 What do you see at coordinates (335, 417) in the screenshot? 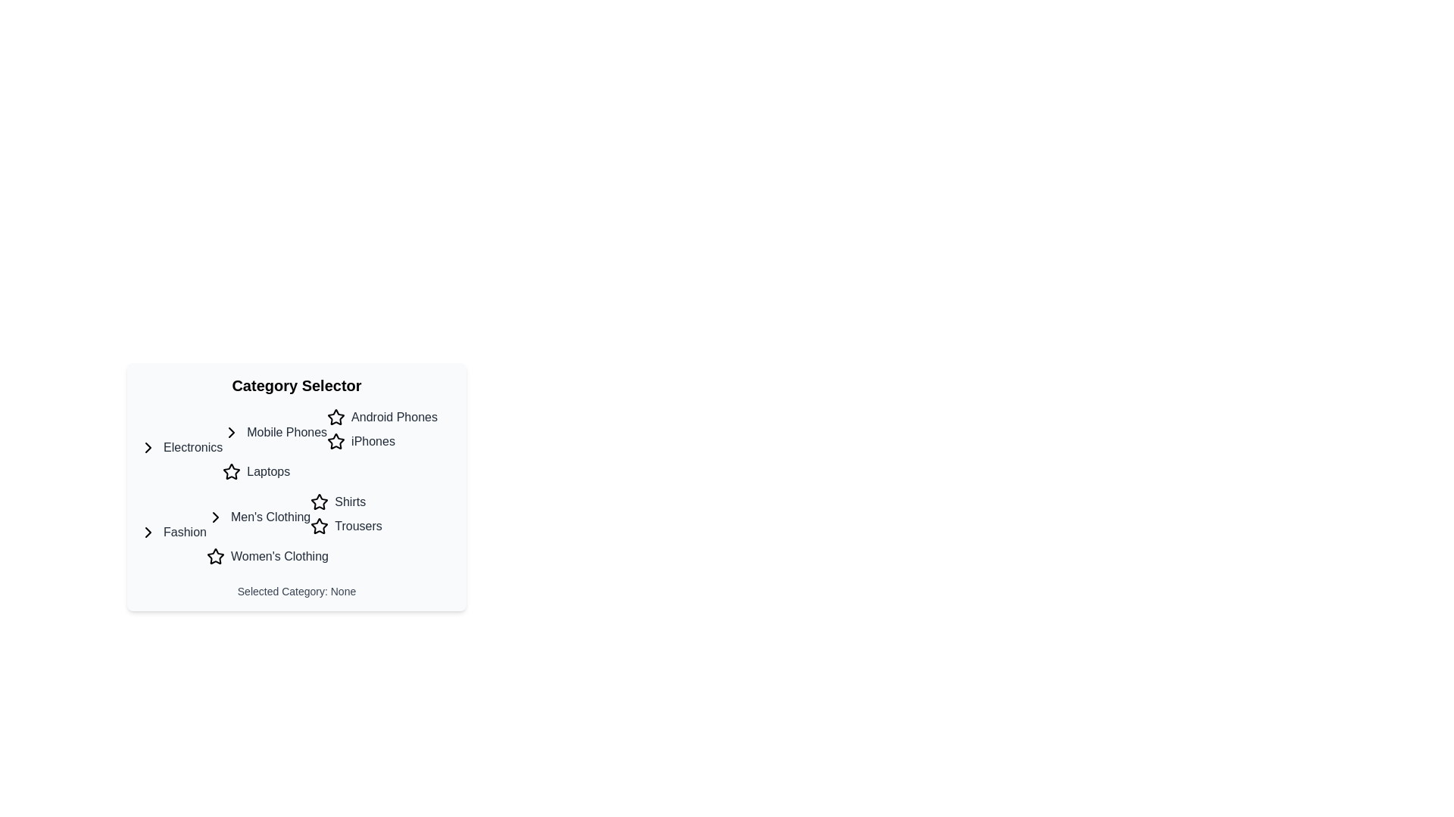
I see `the decorative star icon that emphasizes the 'Android Phones' category, positioned to the left of the 'Android Phones' label in the category selection panel` at bounding box center [335, 417].